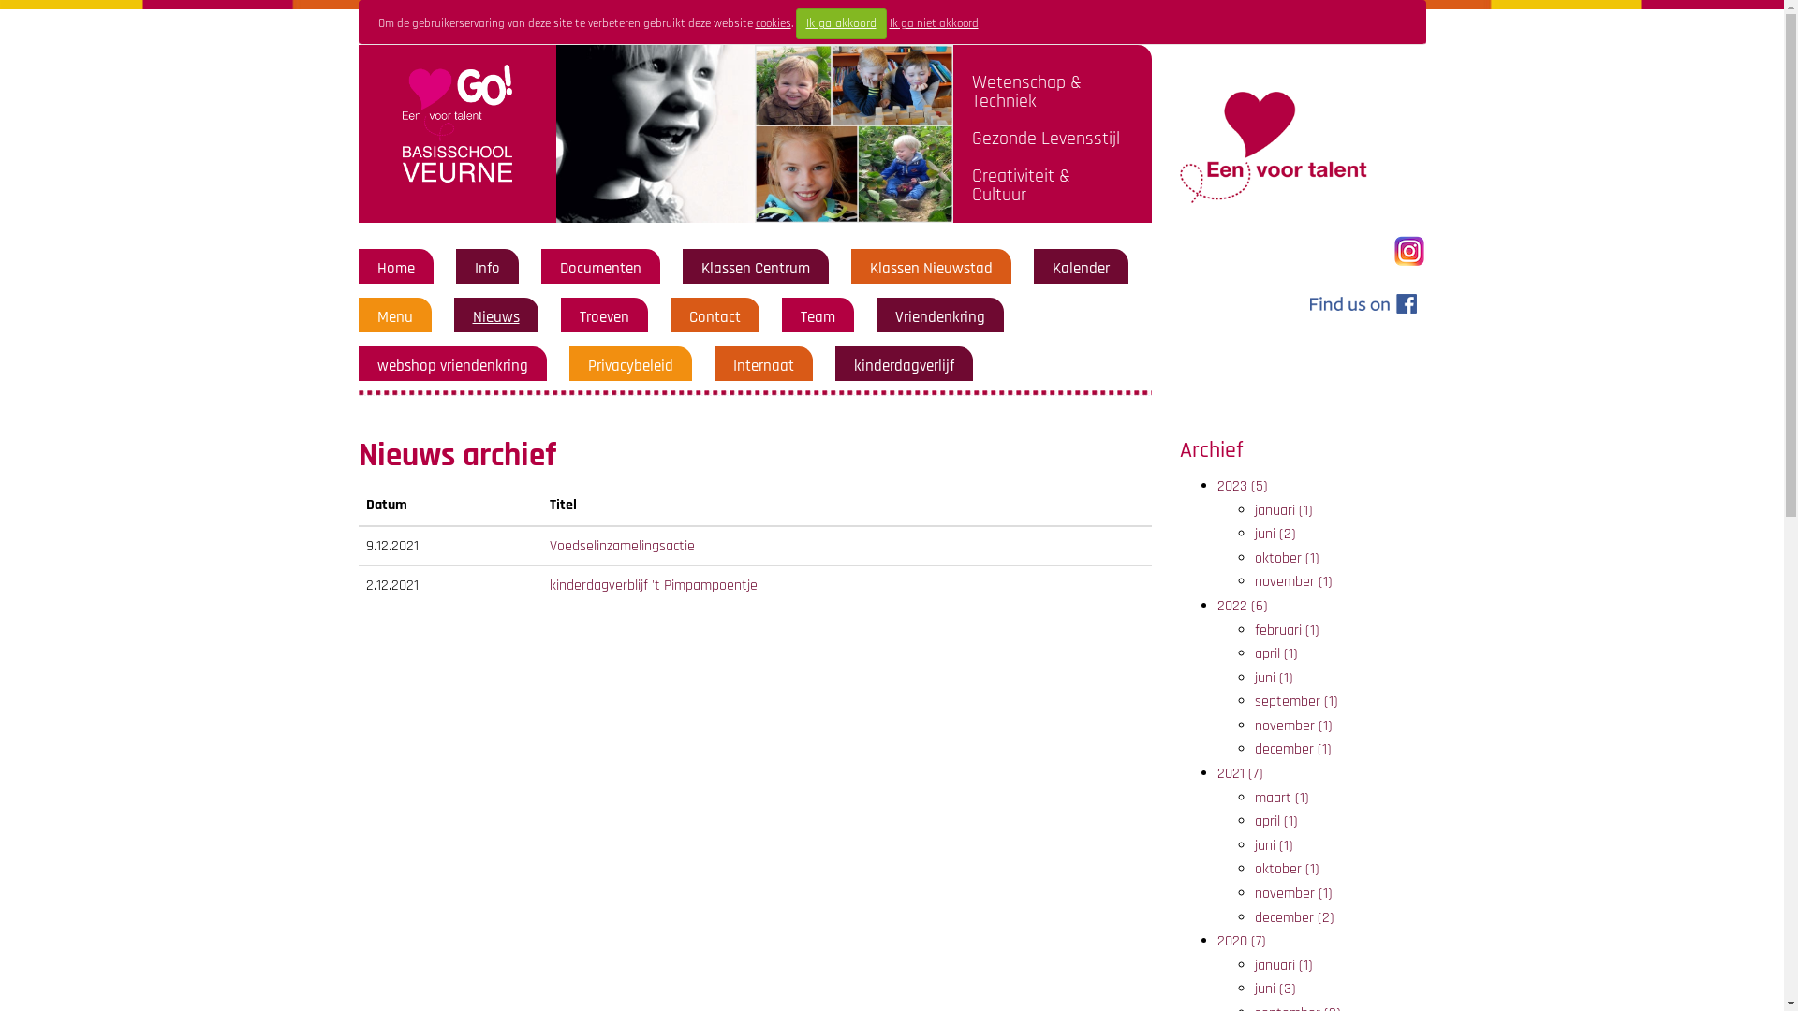 The height and width of the screenshot is (1011, 1798). Describe the element at coordinates (394, 268) in the screenshot. I see `'Home'` at that location.